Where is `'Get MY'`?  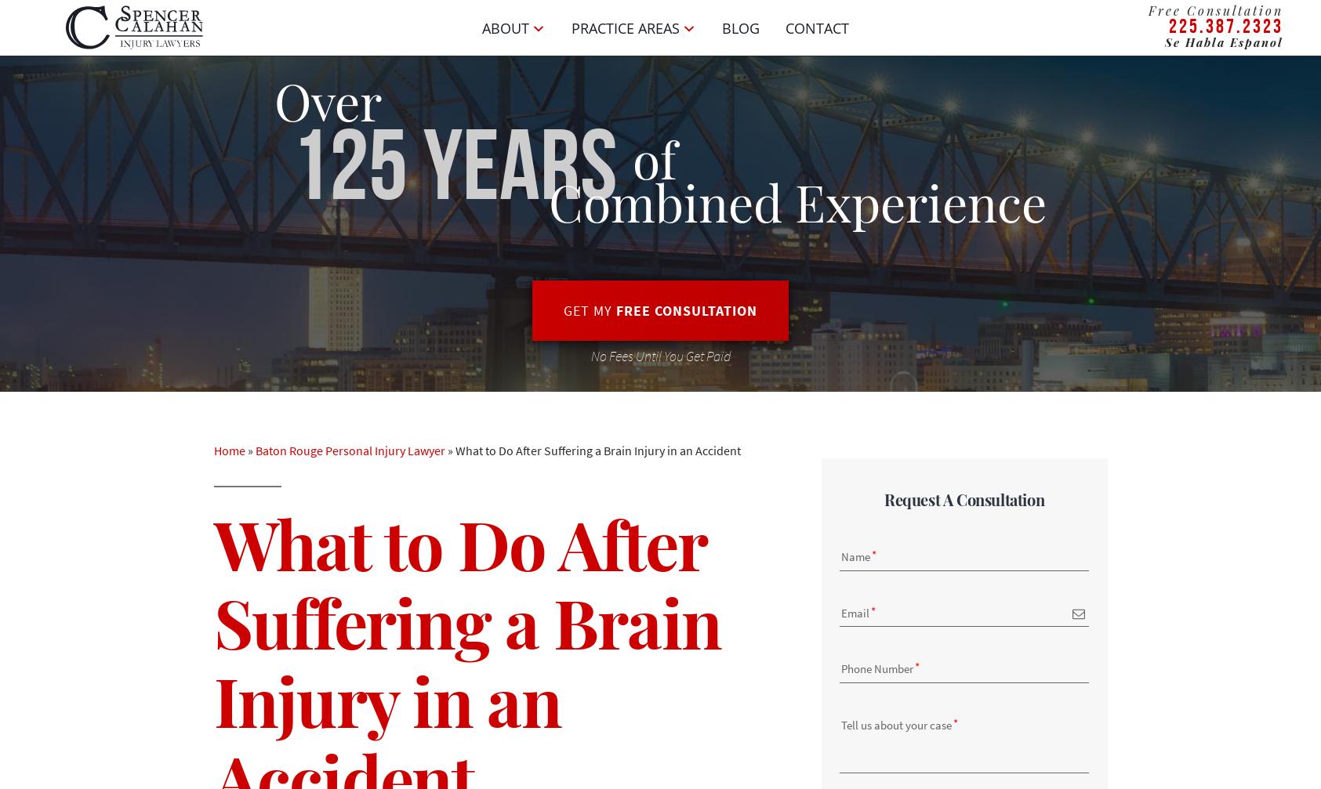
'Get MY' is located at coordinates (589, 310).